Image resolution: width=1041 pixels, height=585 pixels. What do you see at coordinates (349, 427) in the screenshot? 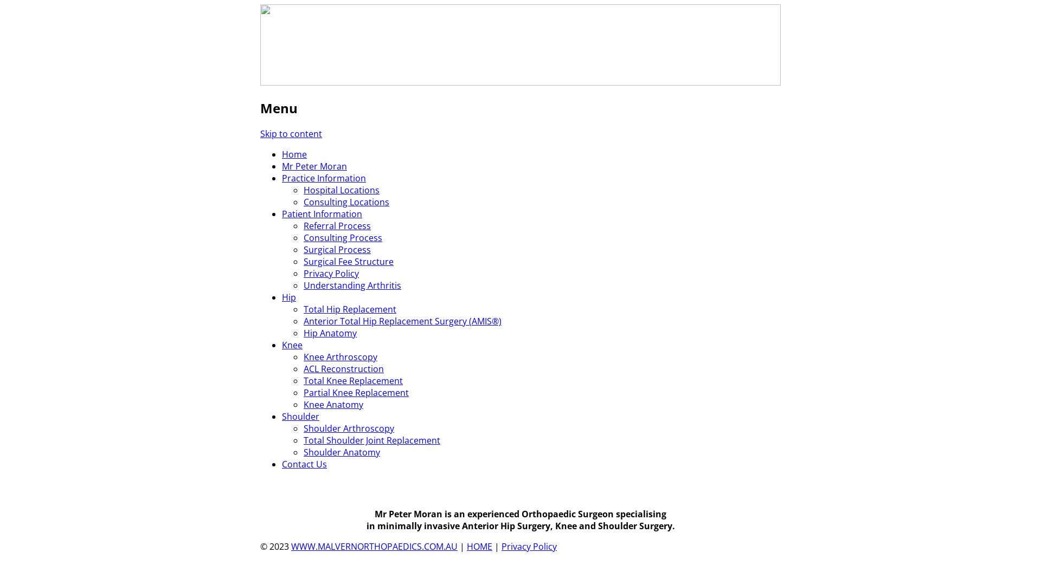
I see `'Shoulder Arthroscopy'` at bounding box center [349, 427].